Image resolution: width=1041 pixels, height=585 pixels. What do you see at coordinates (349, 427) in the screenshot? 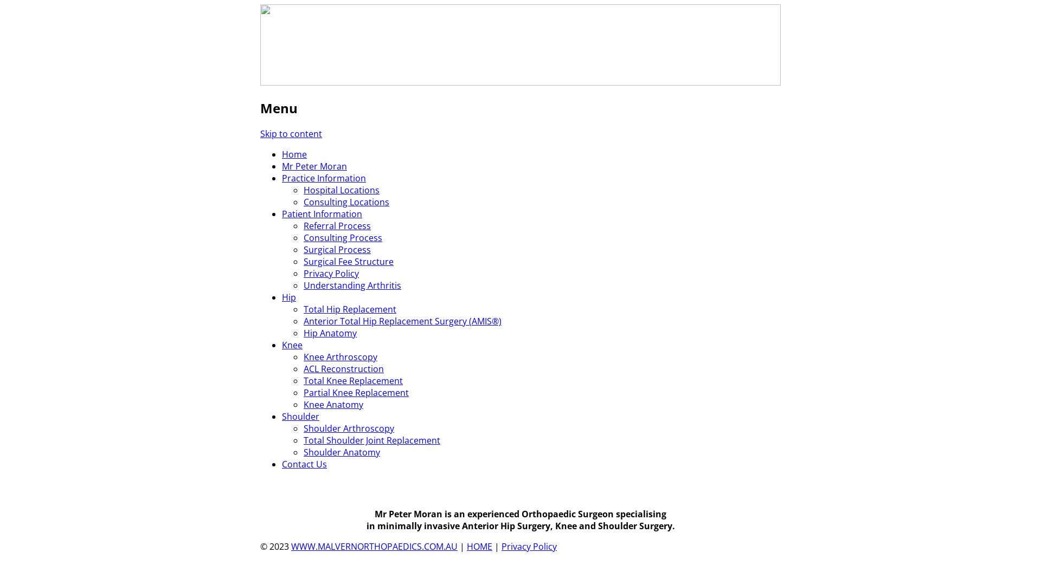
I see `'Shoulder Arthroscopy'` at bounding box center [349, 427].